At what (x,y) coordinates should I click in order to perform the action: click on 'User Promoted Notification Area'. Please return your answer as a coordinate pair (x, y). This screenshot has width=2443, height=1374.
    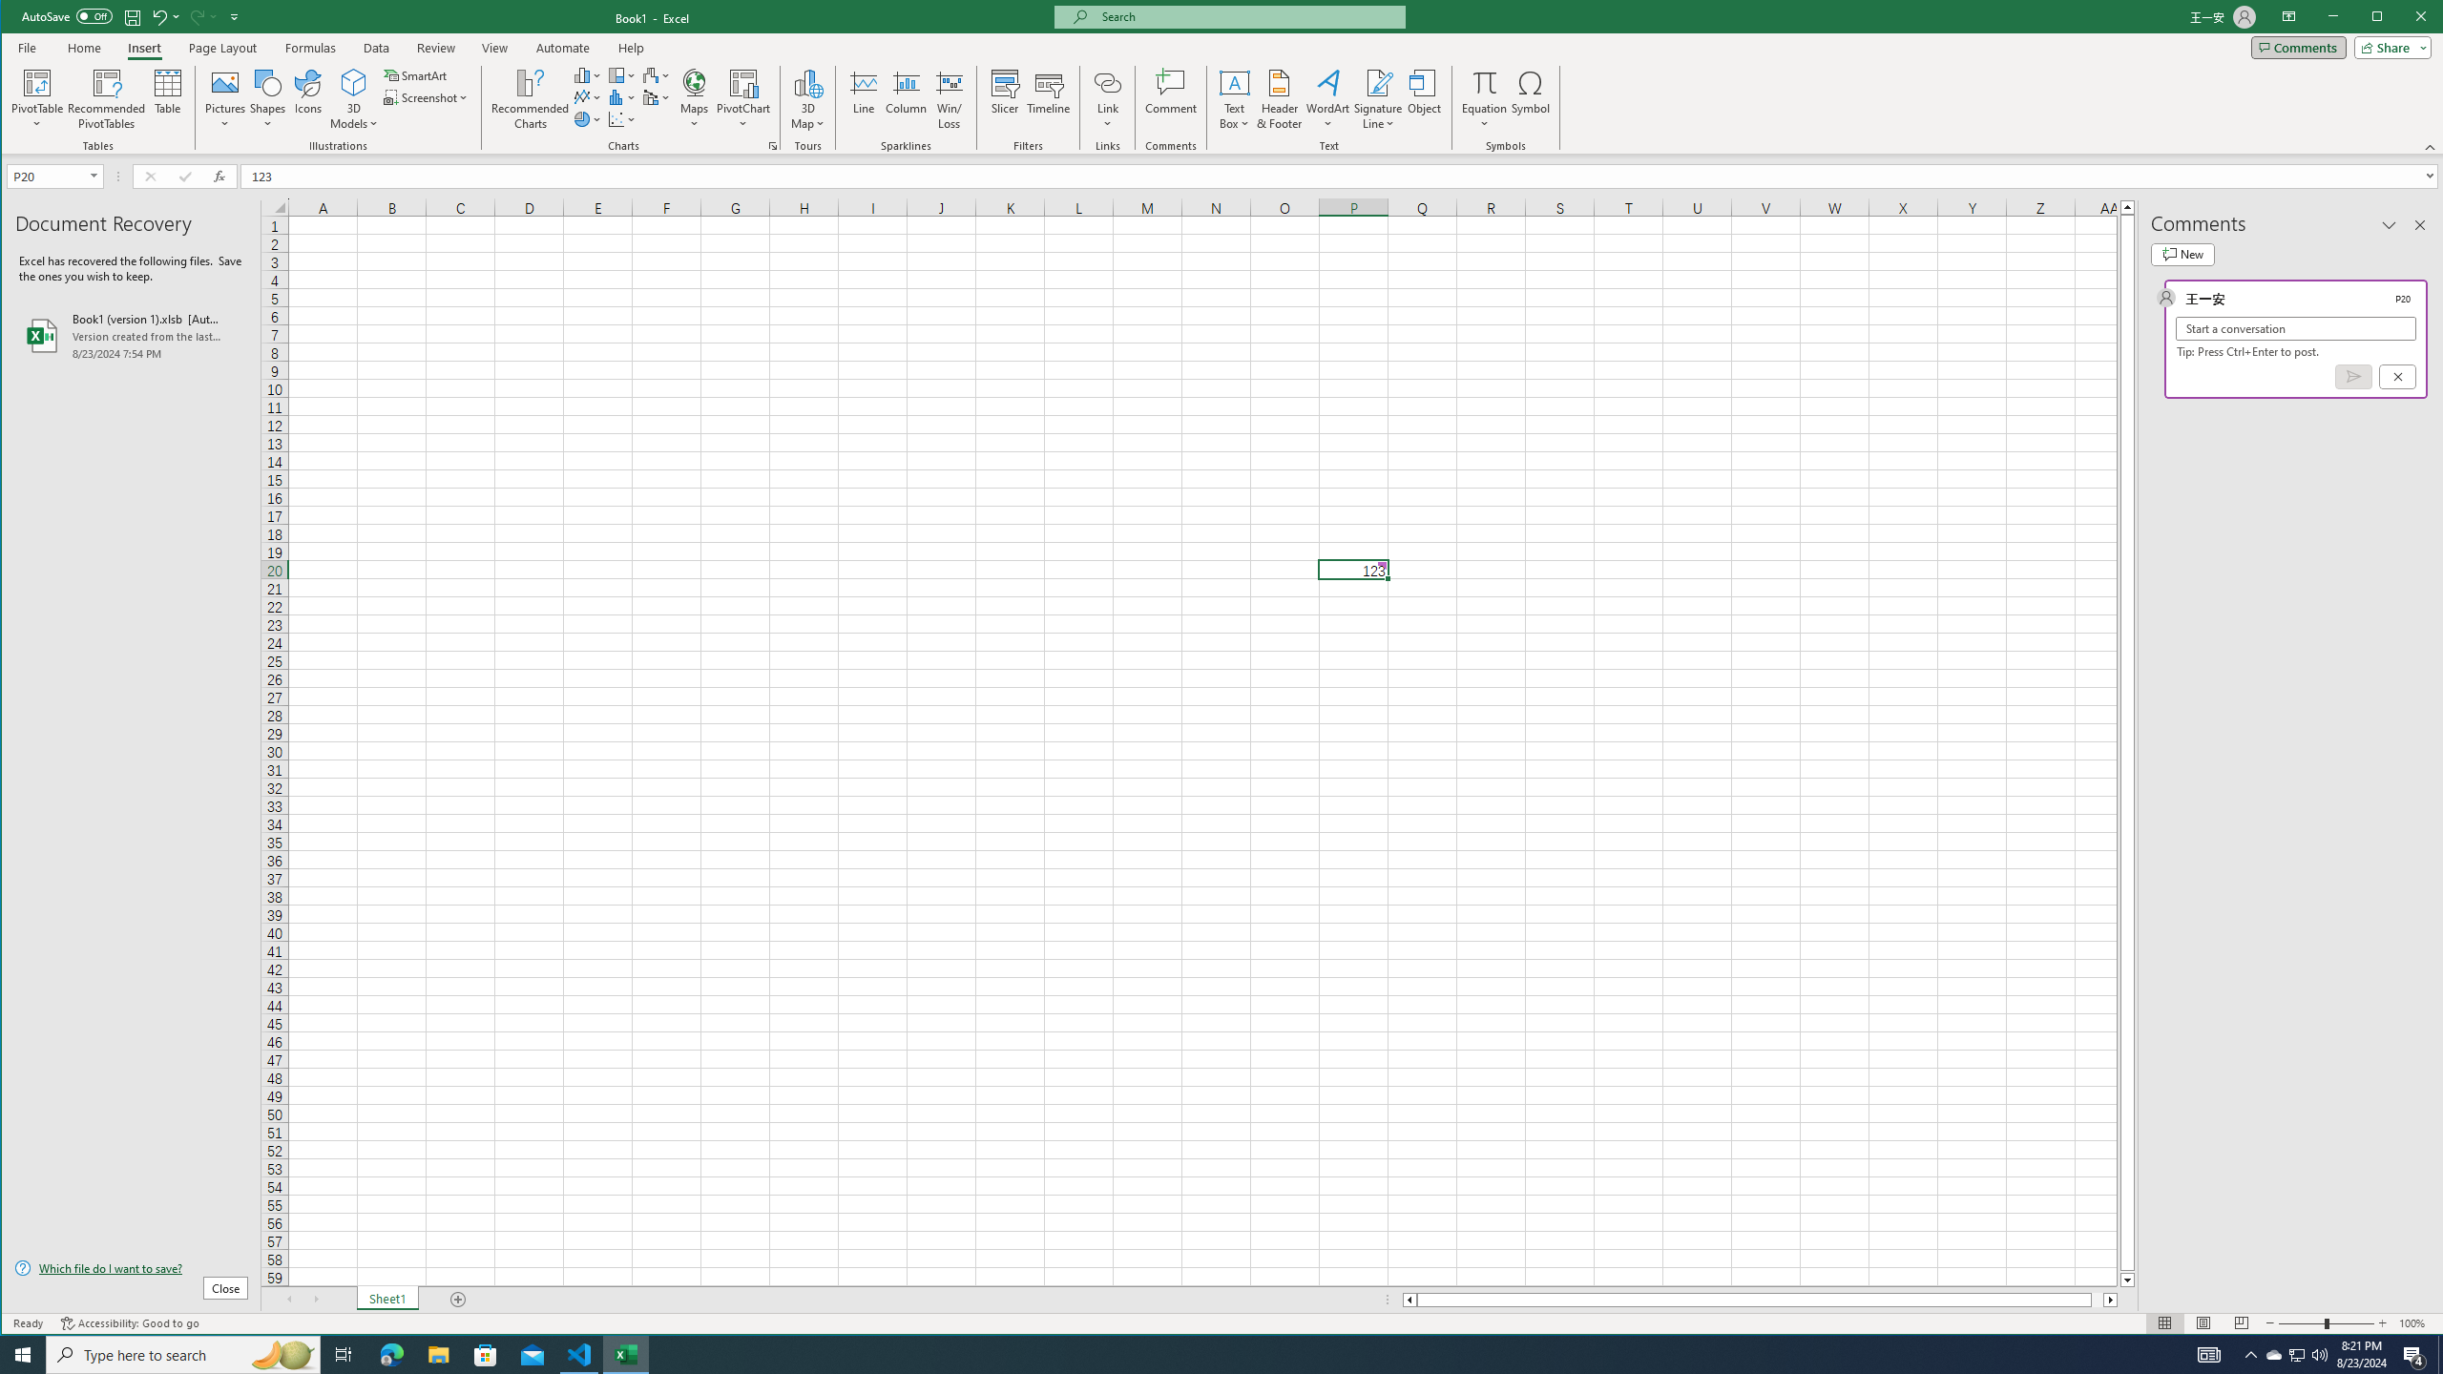
    Looking at the image, I should click on (2273, 1353).